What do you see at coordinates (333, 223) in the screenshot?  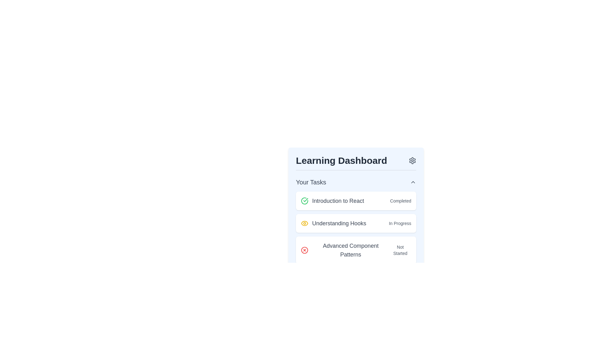 I see `the 'Understanding Hooks' text in the 'Your Tasks' section` at bounding box center [333, 223].